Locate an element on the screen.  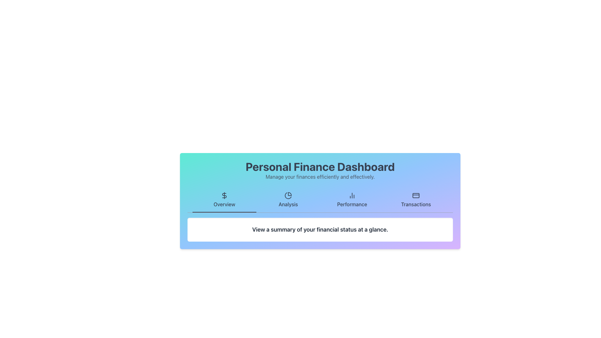
the 'Performance' tab in the navigation bar of the 'Personal Finance Dashboard' is located at coordinates (352, 200).